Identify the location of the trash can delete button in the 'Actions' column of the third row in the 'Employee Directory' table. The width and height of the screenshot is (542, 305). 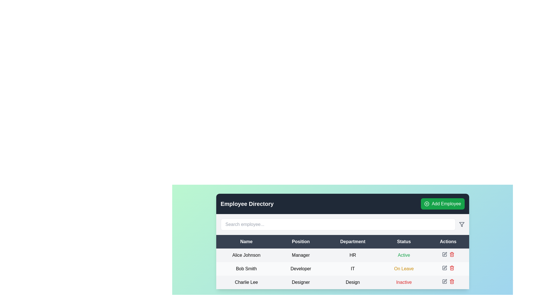
(452, 267).